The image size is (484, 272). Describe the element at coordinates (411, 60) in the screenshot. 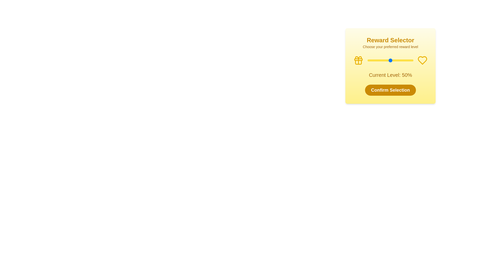

I see `the reward level` at that location.